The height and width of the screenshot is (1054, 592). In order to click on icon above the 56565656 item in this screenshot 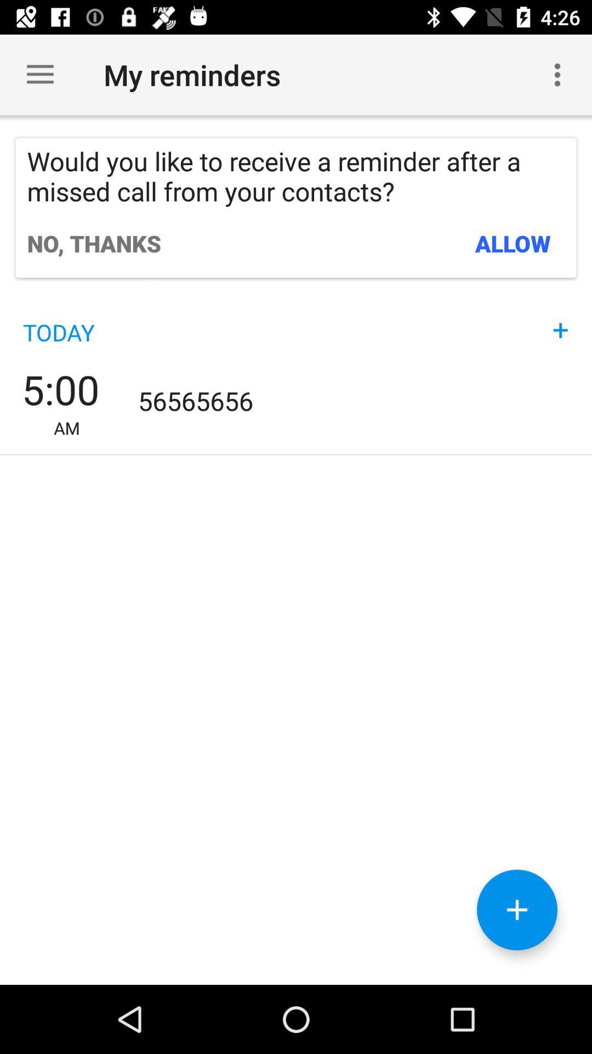, I will do `click(560, 318)`.